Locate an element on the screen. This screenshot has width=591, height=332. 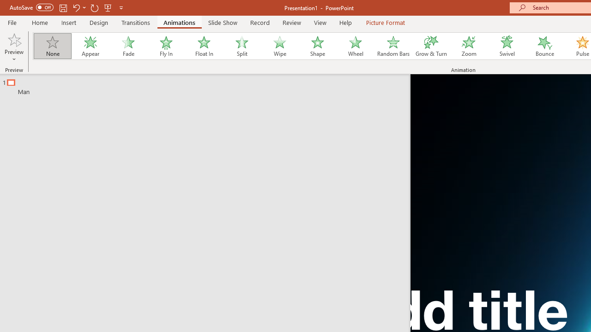
'Grow & Turn' is located at coordinates (431, 46).